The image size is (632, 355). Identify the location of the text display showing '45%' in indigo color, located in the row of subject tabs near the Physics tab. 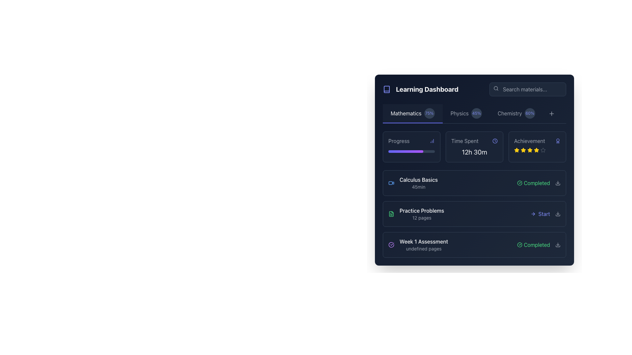
(476, 113).